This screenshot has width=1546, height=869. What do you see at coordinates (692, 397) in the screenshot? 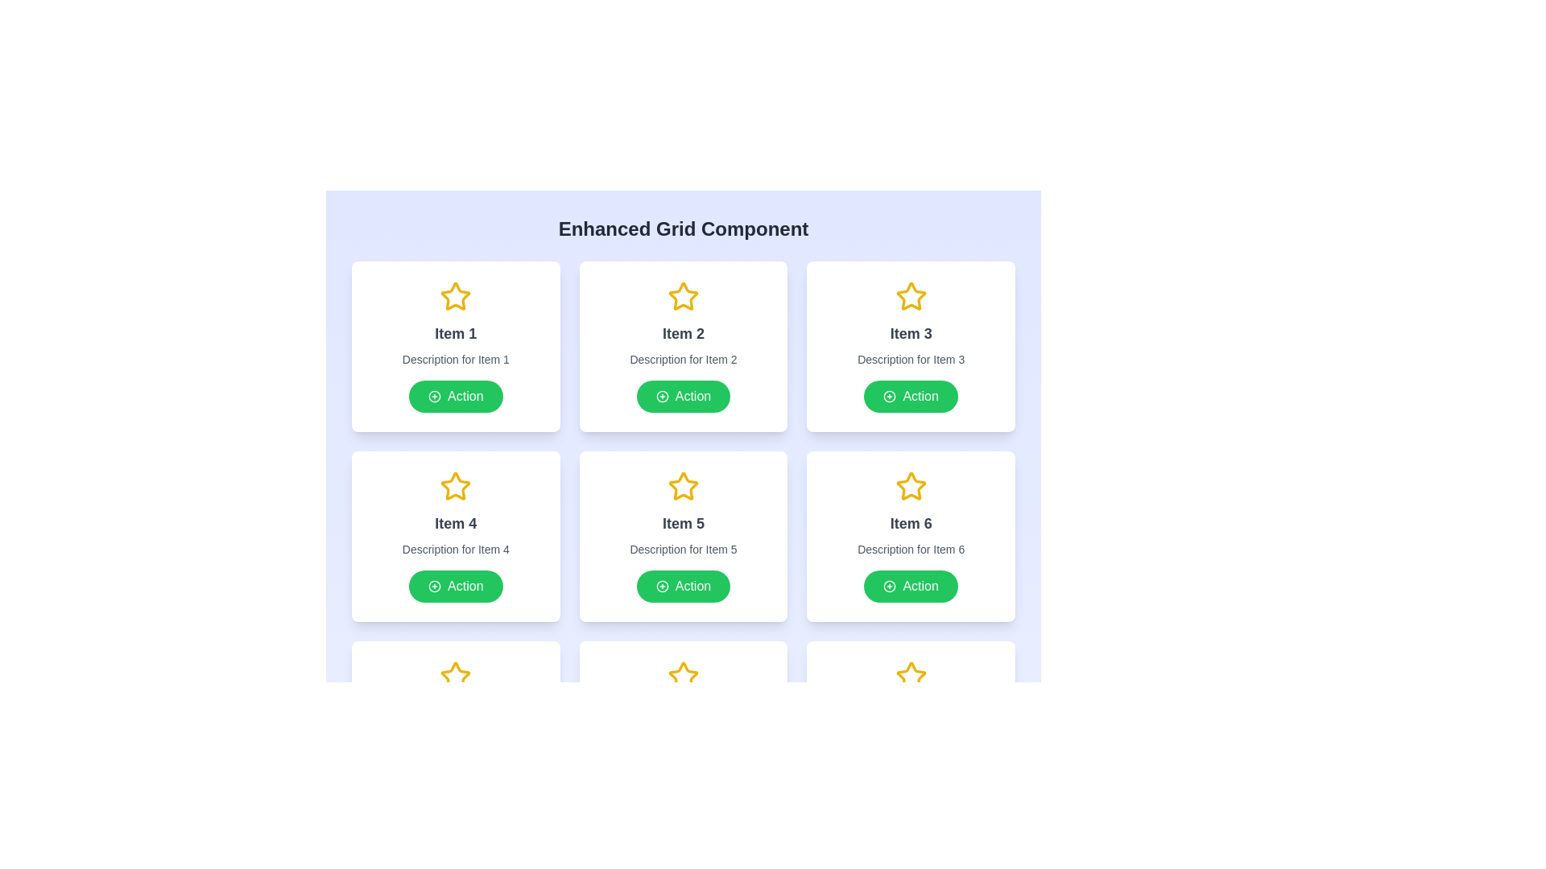
I see `the text label that is part of the interactive button labeled 'Action' in the second card of the grid layout, located under 'Item 2'` at bounding box center [692, 397].